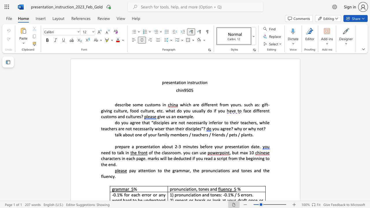 The width and height of the screenshot is (370, 208). I want to click on the subset text "tion about" within the text "prepare a presentation about 2", so click(152, 146).